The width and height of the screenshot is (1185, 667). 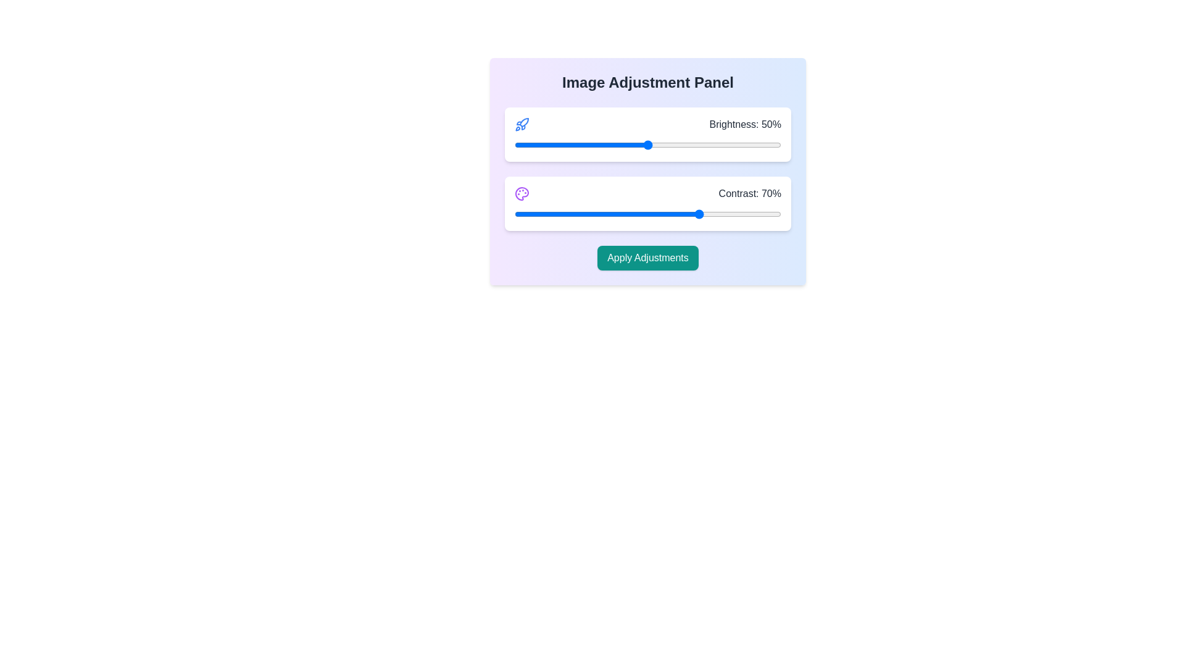 I want to click on the brightness slider to 4%, so click(x=525, y=145).